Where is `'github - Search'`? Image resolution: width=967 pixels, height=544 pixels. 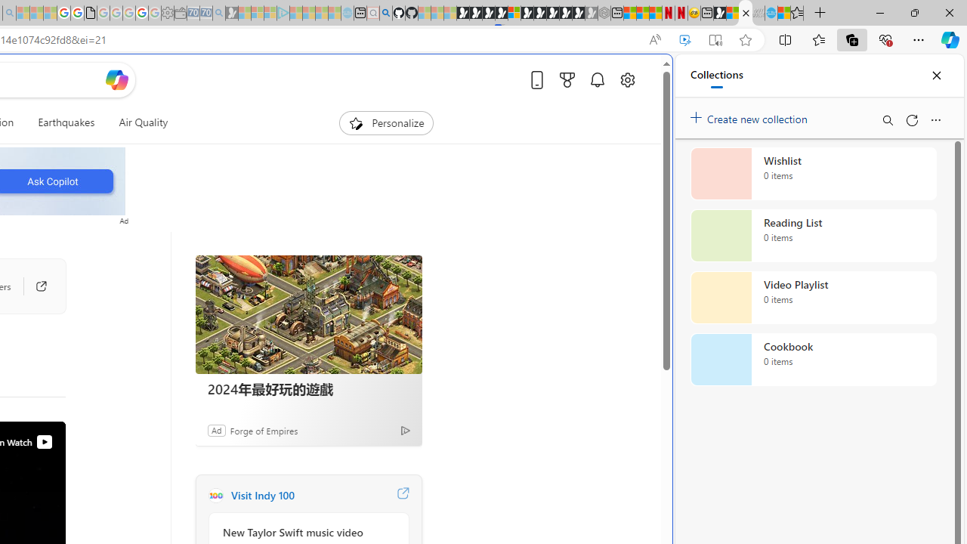
'github - Search' is located at coordinates (385, 13).